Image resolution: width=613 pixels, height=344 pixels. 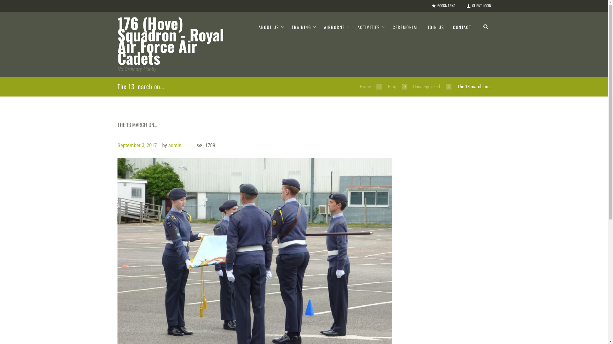 I want to click on 'CLIENT LOGIN', so click(x=479, y=6).